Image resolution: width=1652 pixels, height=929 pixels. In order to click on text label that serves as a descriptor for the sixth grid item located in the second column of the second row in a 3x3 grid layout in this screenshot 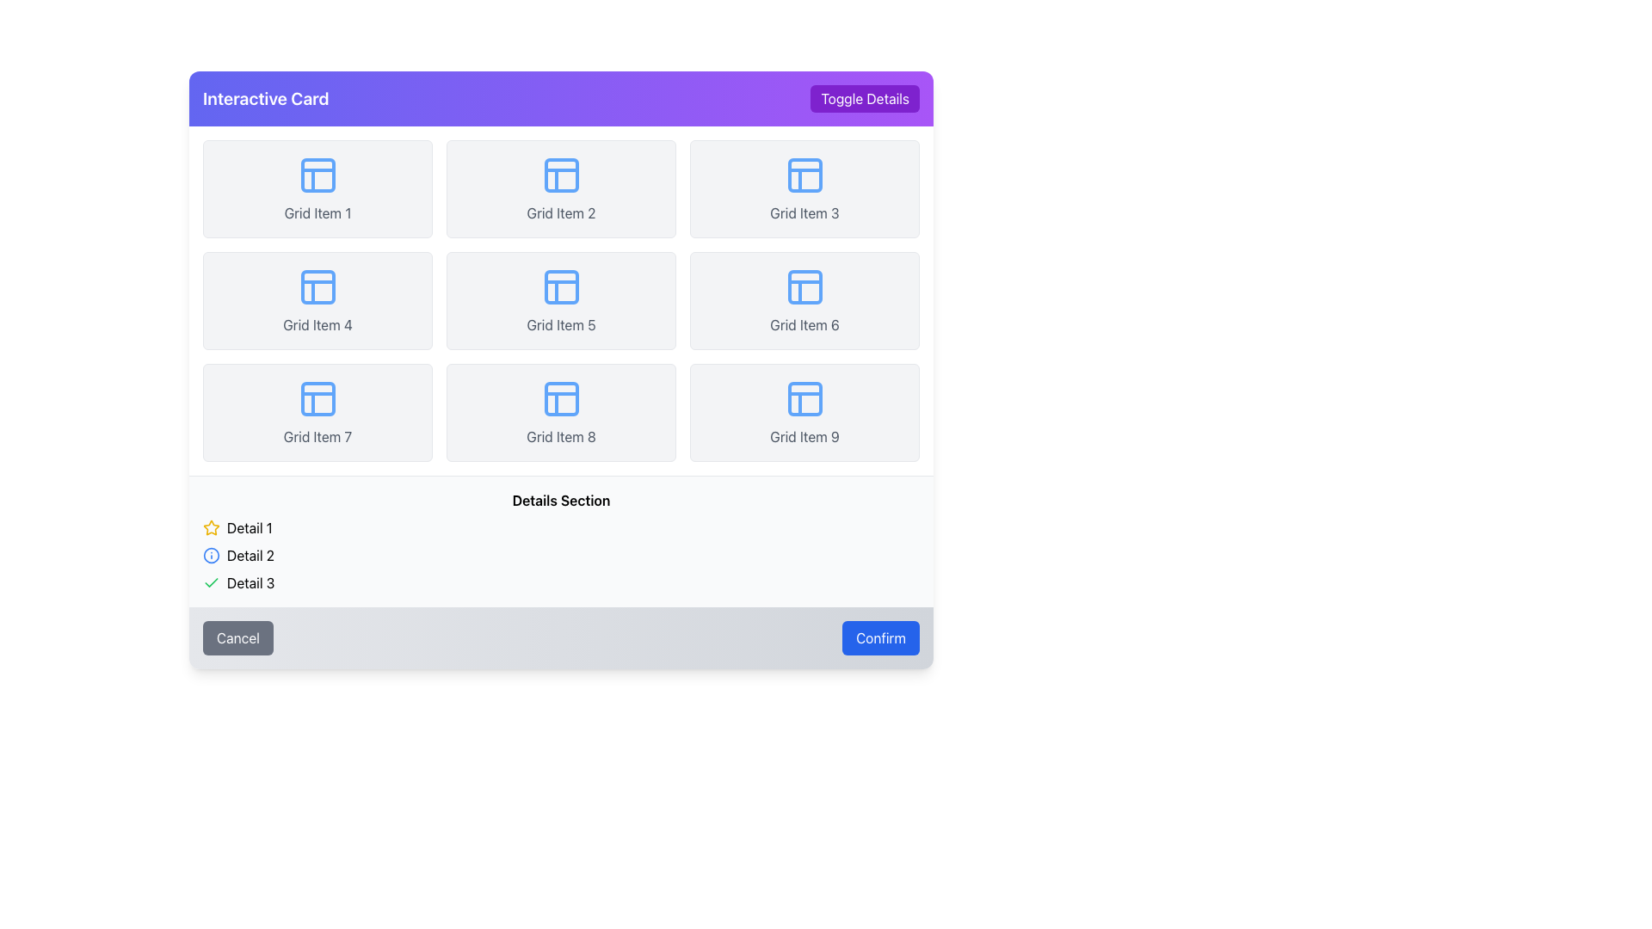, I will do `click(804, 325)`.